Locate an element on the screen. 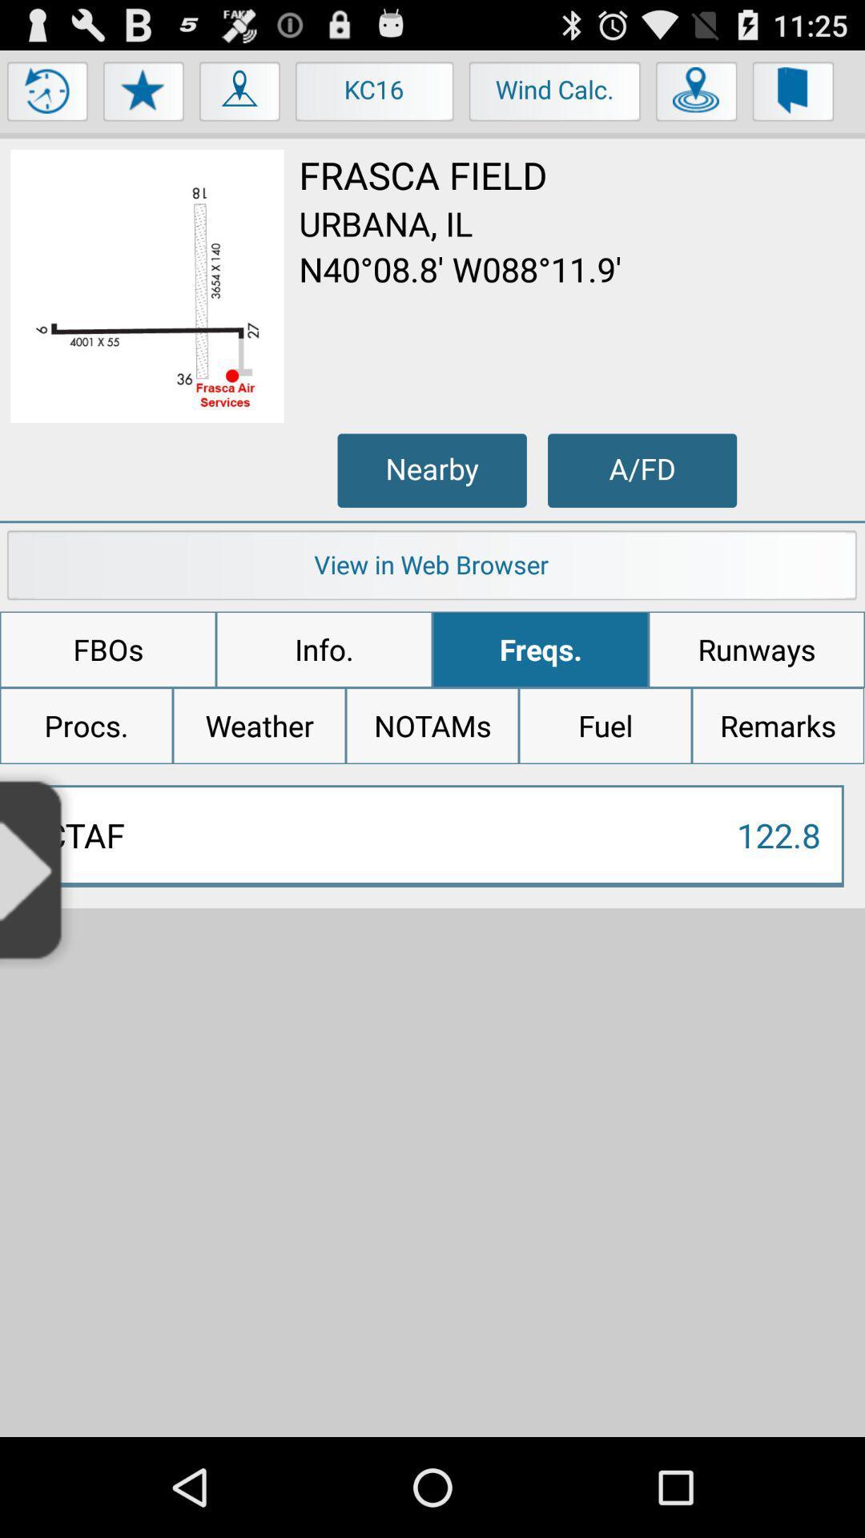 Image resolution: width=865 pixels, height=1538 pixels. radio is located at coordinates (38, 868).